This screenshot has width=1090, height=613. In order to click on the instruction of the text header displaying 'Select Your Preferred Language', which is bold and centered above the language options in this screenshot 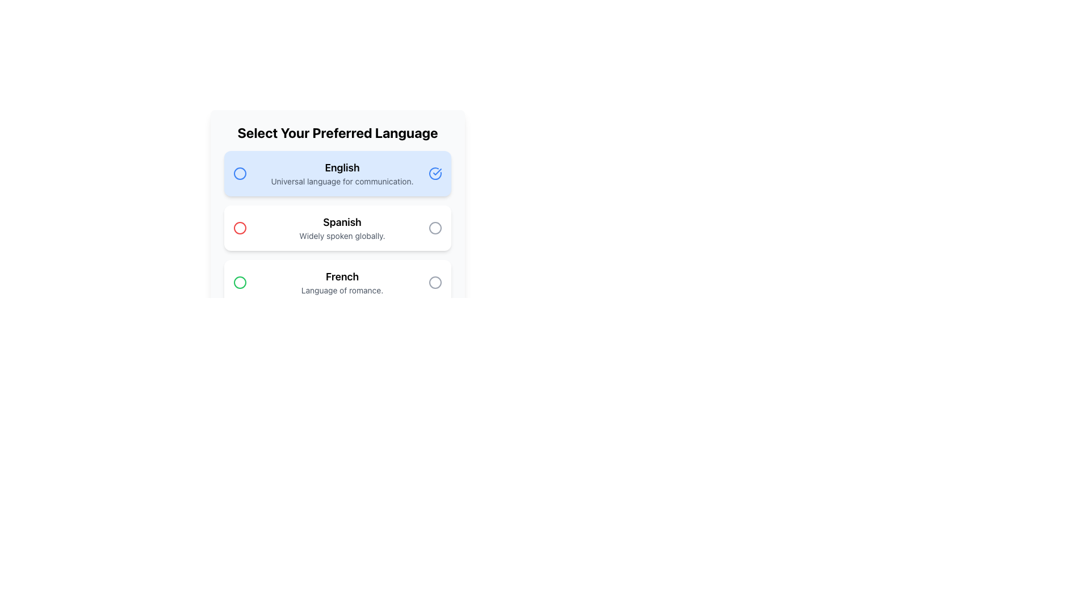, I will do `click(337, 132)`.